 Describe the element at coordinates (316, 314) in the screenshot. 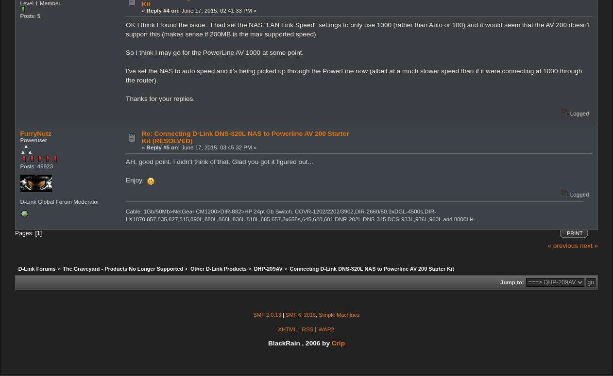

I see `','` at that location.